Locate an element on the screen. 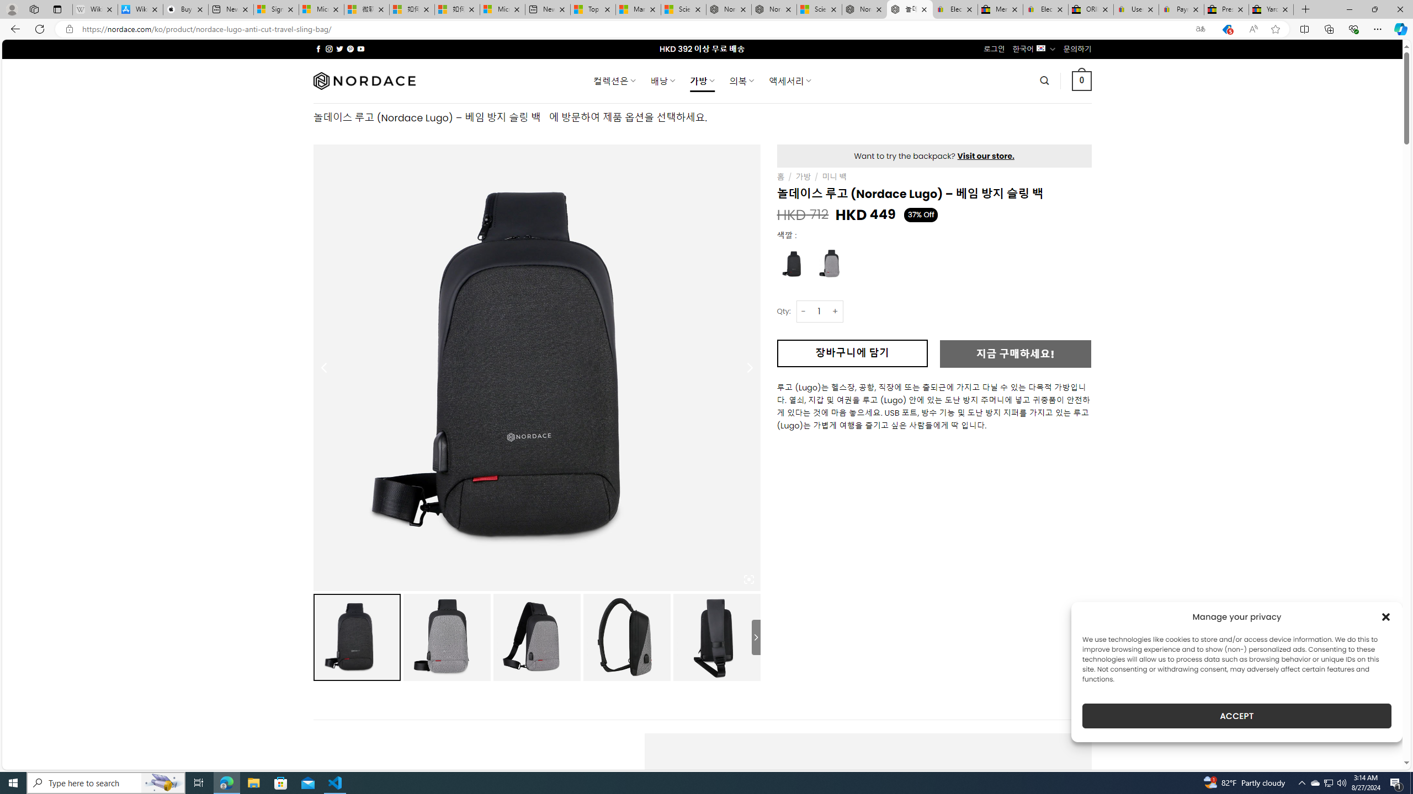 The height and width of the screenshot is (794, 1413). 'Visit our store.' is located at coordinates (985, 156).